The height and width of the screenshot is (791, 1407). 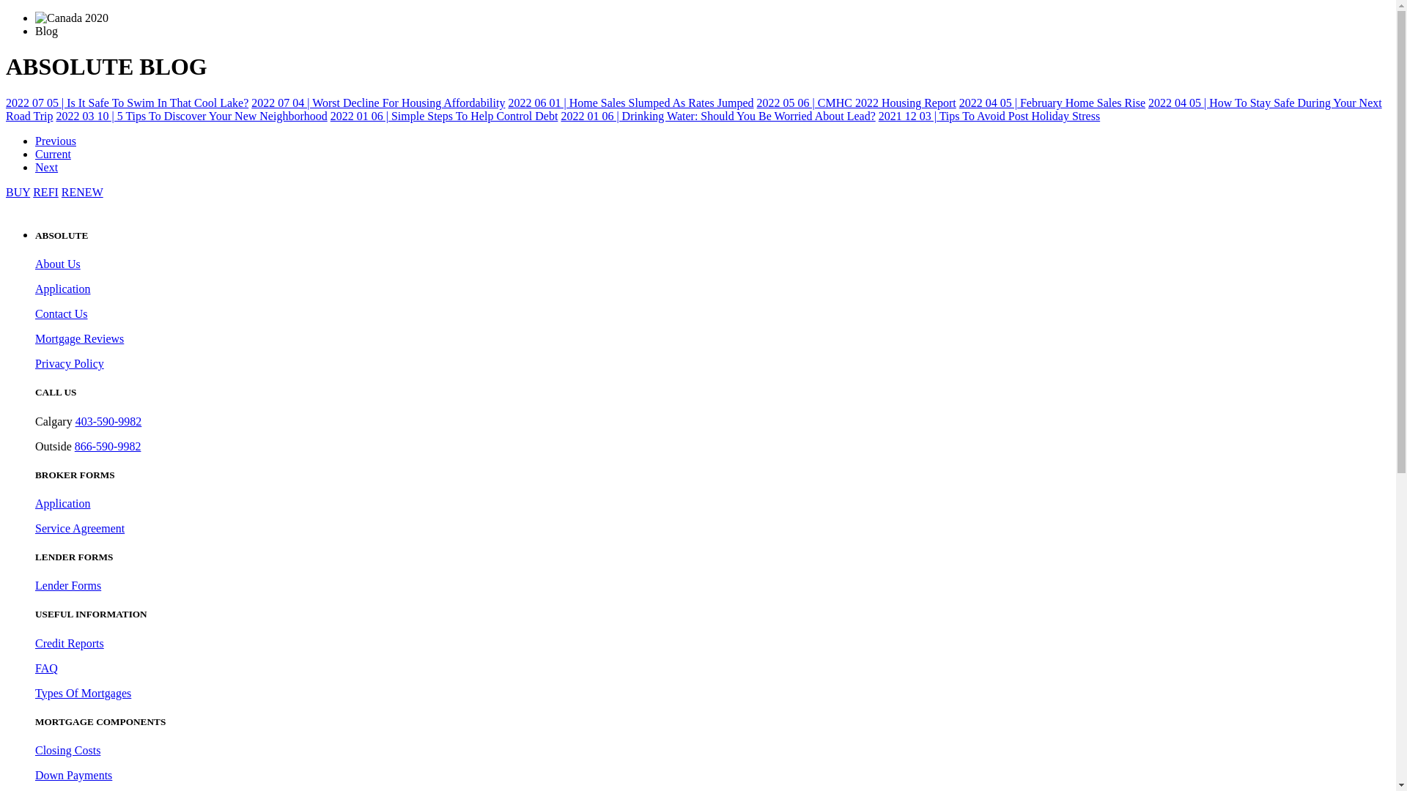 I want to click on '2022 04 05 | February Home Sales Rise', so click(x=1051, y=102).